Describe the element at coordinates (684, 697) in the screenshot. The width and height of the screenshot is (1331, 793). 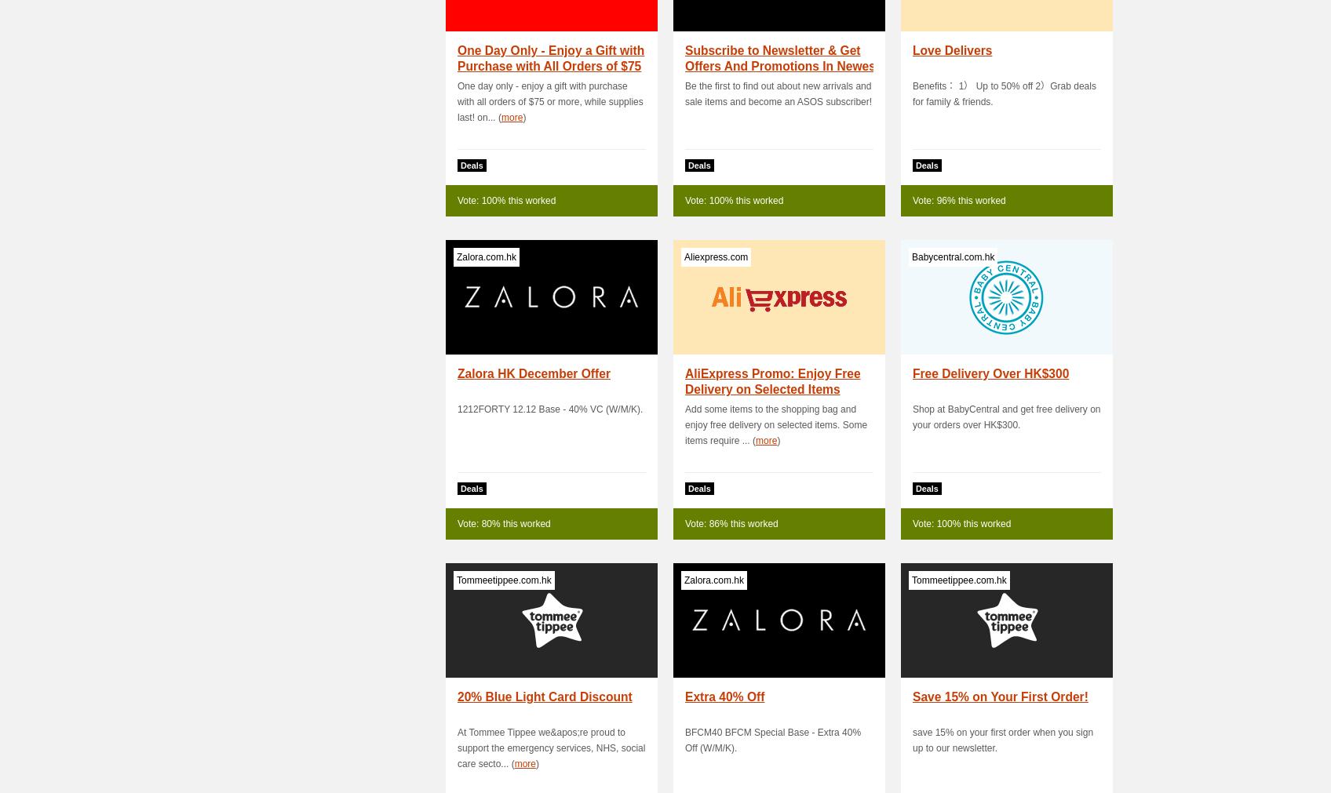
I see `'Extra 40% Off'` at that location.